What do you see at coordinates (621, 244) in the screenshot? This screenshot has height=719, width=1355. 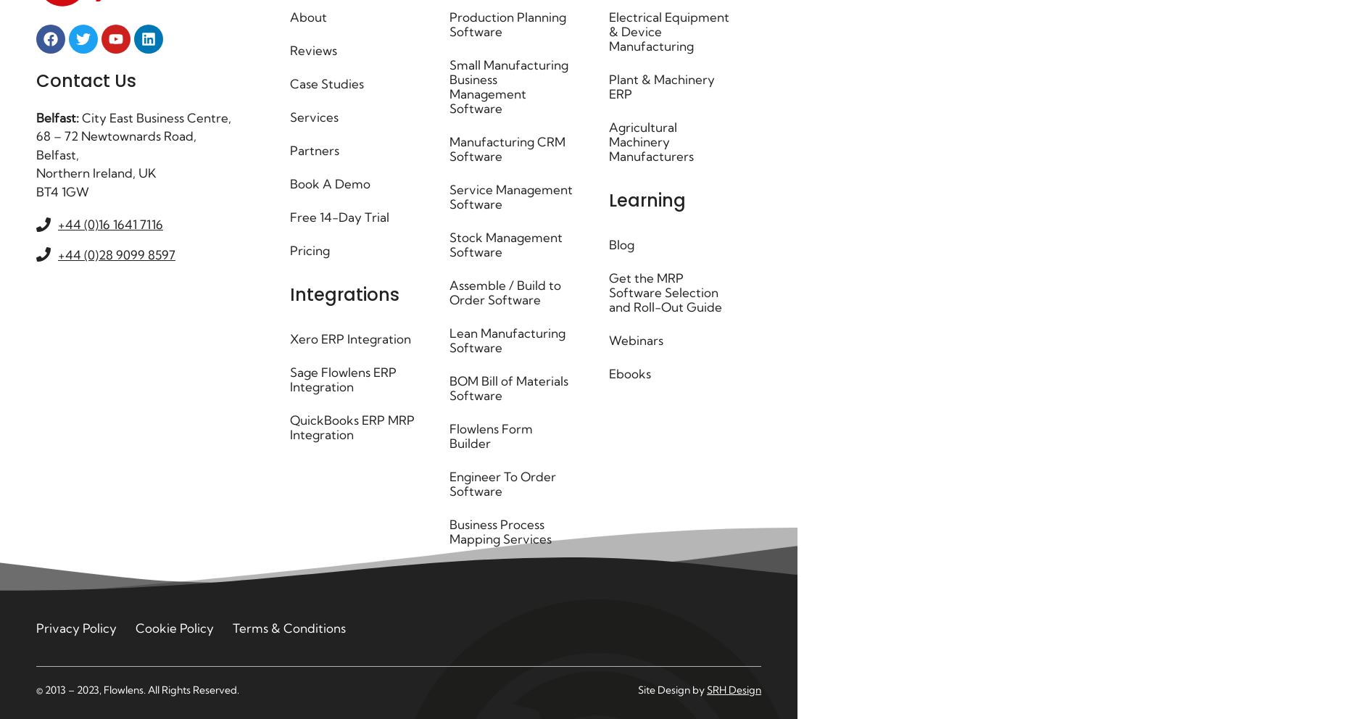 I see `'Blog'` at bounding box center [621, 244].